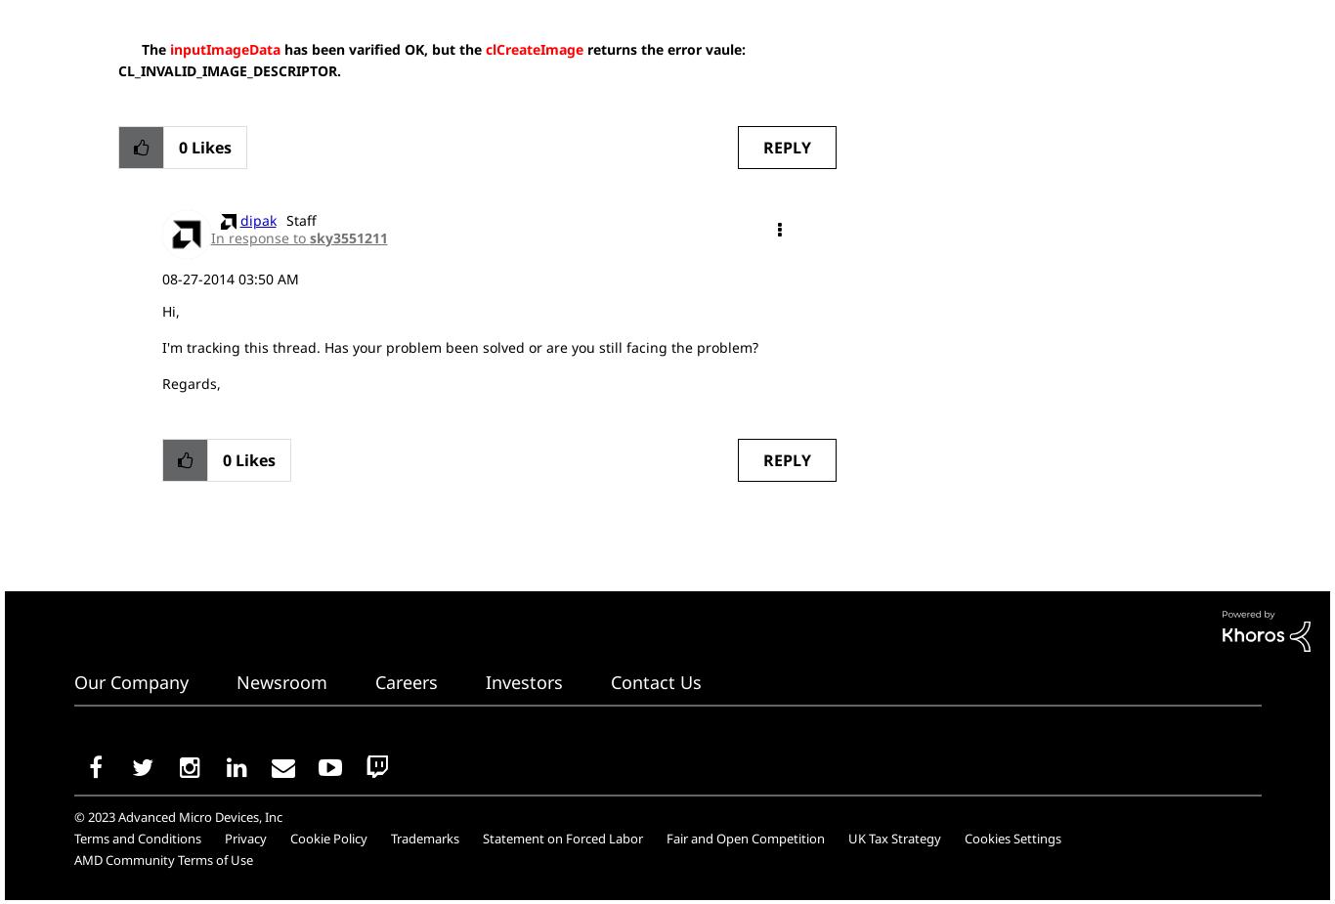 This screenshot has width=1335, height=904. Describe the element at coordinates (163, 765) in the screenshot. I see `'Twitter'` at that location.